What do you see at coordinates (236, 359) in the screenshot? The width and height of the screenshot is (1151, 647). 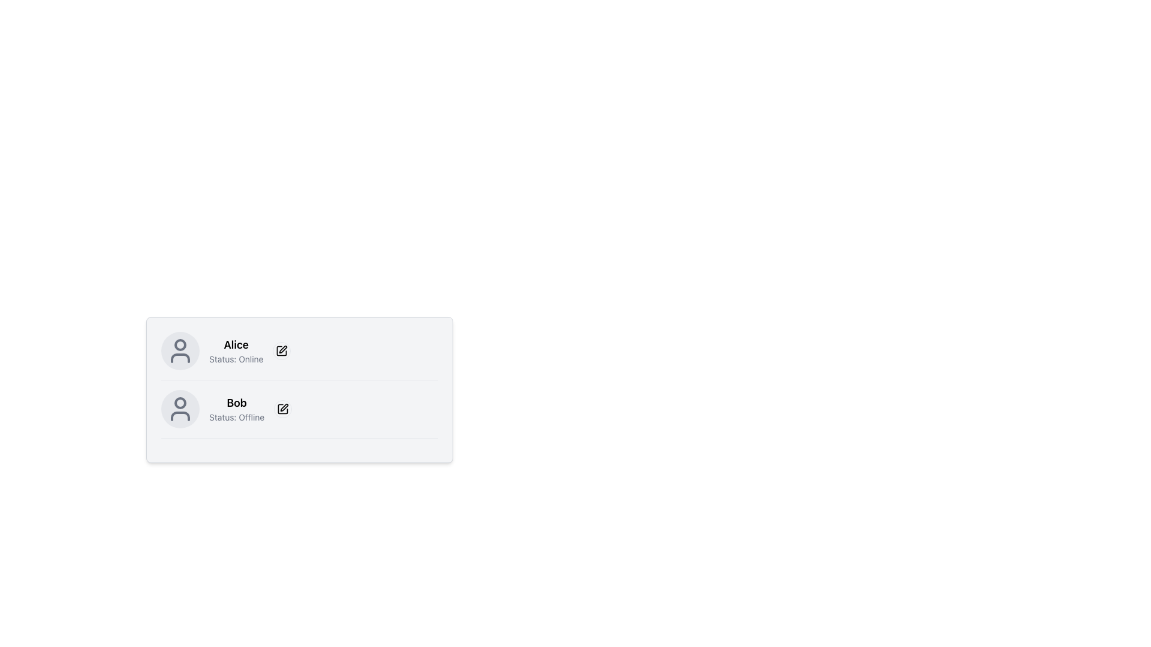 I see `the text label displaying 'Status: Online', which is positioned below the name 'Alice' in a card-like section of the interface` at bounding box center [236, 359].